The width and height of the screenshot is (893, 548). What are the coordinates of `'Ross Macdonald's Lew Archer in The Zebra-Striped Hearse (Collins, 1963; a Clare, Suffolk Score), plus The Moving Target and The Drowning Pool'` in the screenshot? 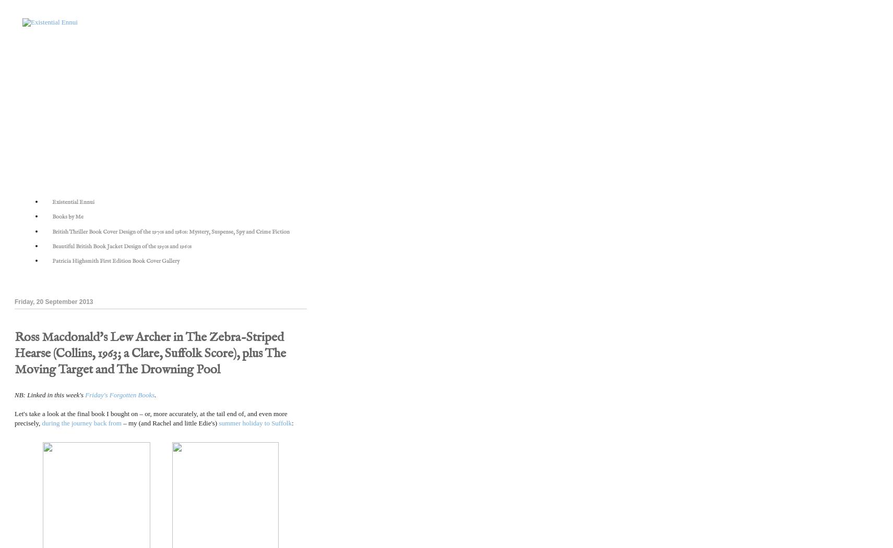 It's located at (150, 353).